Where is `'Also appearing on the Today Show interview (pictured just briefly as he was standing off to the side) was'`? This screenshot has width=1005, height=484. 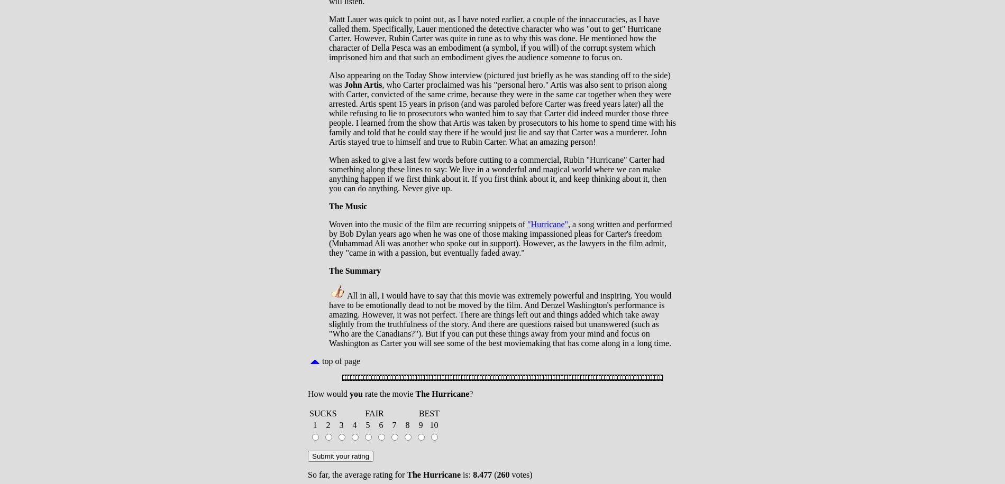 'Also appearing on the Today Show interview (pictured just briefly as he was standing off to the side) was' is located at coordinates (499, 80).